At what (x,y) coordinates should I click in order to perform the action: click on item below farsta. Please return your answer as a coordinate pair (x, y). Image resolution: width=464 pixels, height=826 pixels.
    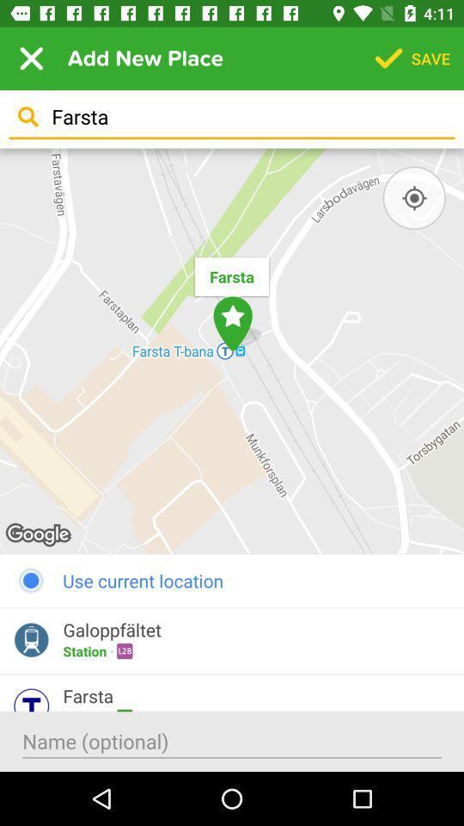
    Looking at the image, I should click on (413, 198).